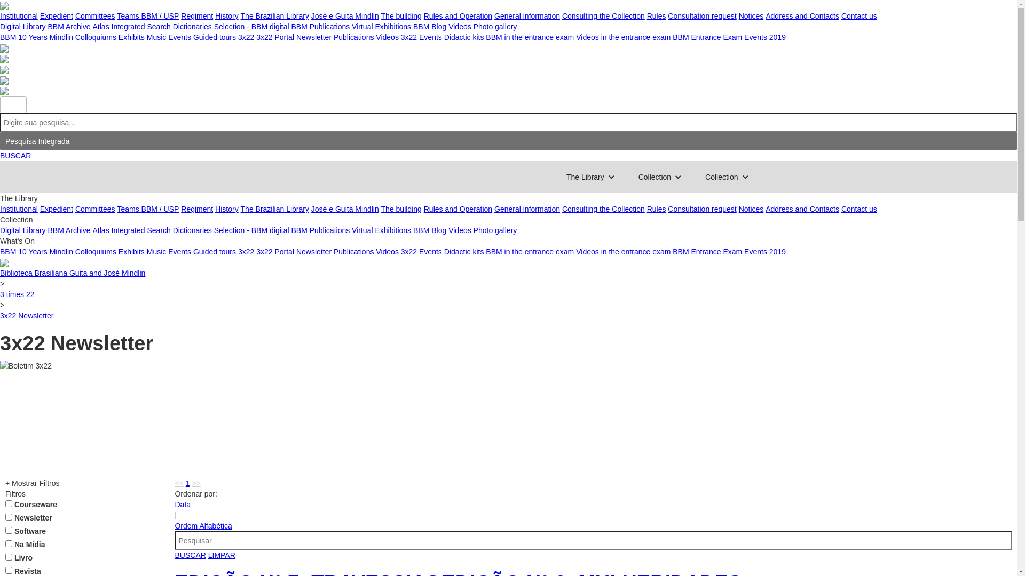 This screenshot has height=576, width=1025. What do you see at coordinates (131, 36) in the screenshot?
I see `'Exhibits'` at bounding box center [131, 36].